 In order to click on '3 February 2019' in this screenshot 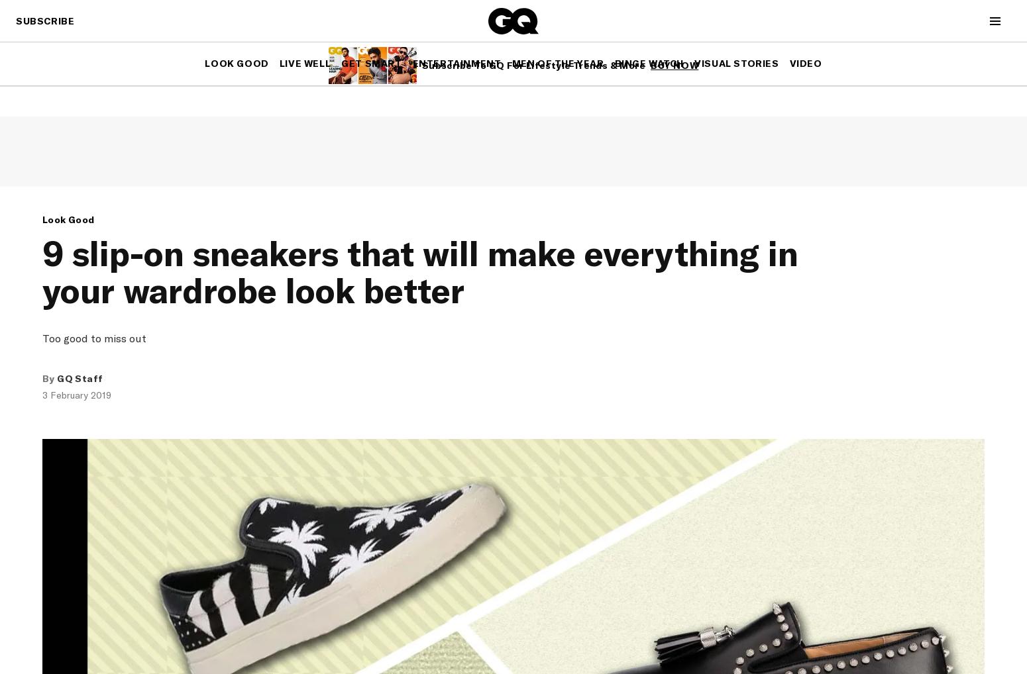, I will do `click(76, 395)`.